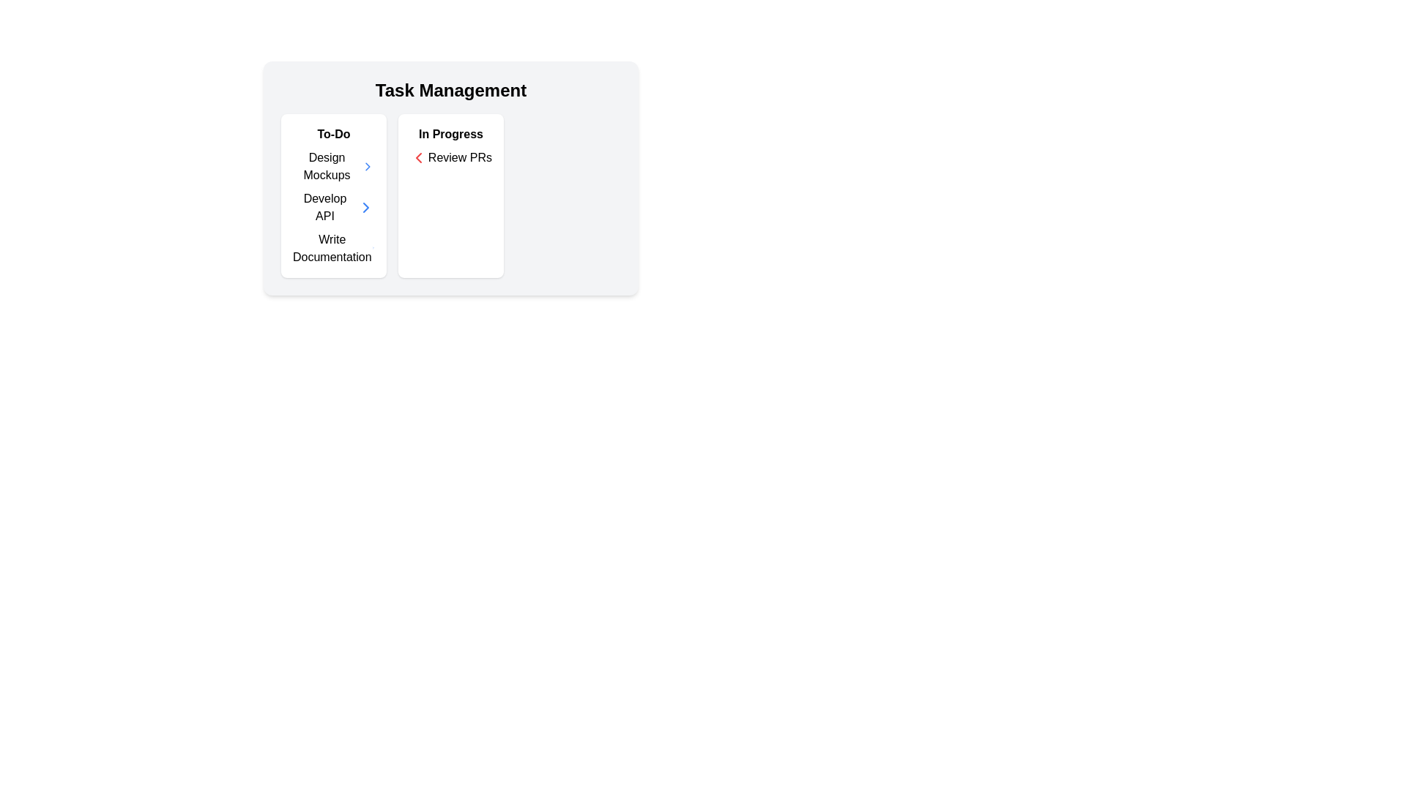  What do you see at coordinates (326, 165) in the screenshot?
I see `the topmost task labeled 'Design Mockups' in the 'To-Do' section` at bounding box center [326, 165].